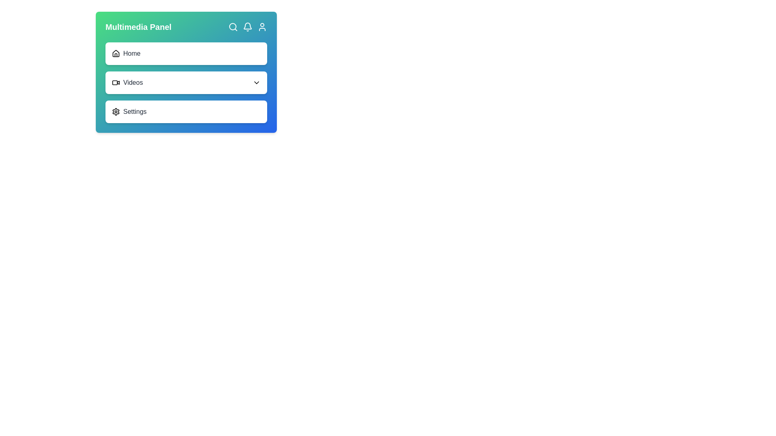  I want to click on the house-shaped icon located in the upper-left section of the Multimedia Panel, so click(116, 53).